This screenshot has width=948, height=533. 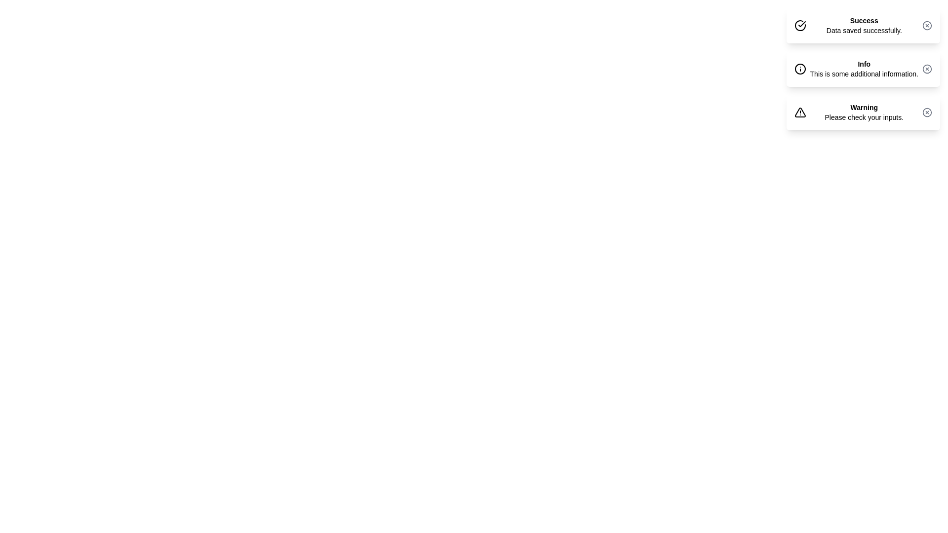 What do you see at coordinates (864, 21) in the screenshot?
I see `the static text displaying 'Success' at the top of the notification box` at bounding box center [864, 21].